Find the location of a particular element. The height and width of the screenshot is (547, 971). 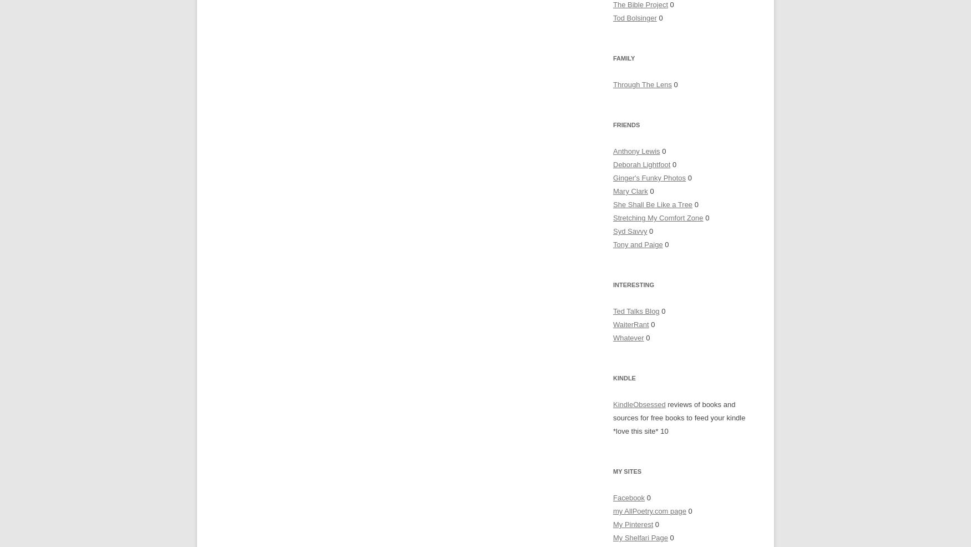

'Stretching My Comfort Zone' is located at coordinates (657, 218).